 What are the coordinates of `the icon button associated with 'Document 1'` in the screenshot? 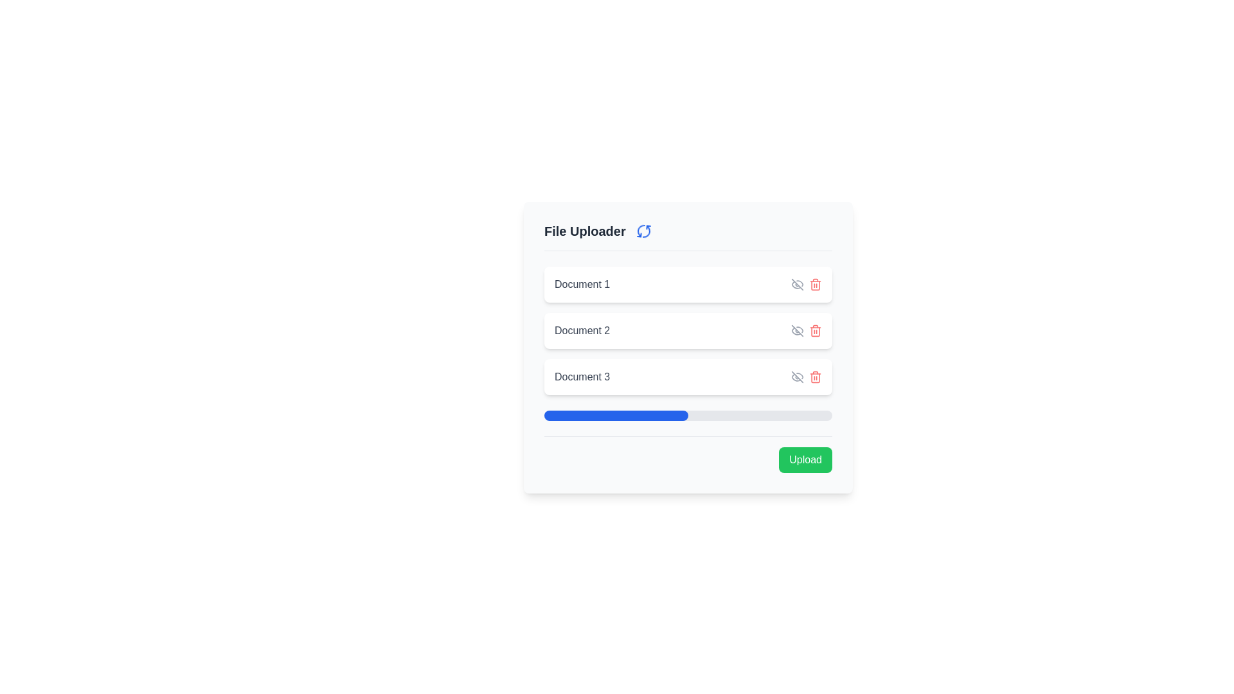 It's located at (797, 330).